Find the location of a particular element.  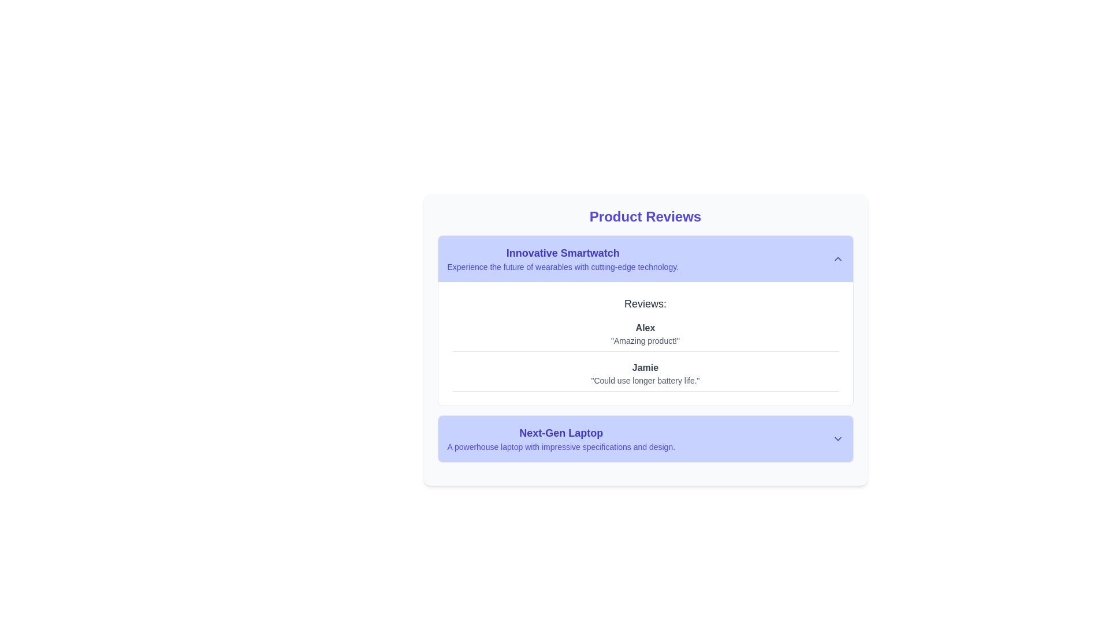

description provided by the text label located below the 'Next-Gen Laptop' title, which highlights the features of the product is located at coordinates (561, 446).